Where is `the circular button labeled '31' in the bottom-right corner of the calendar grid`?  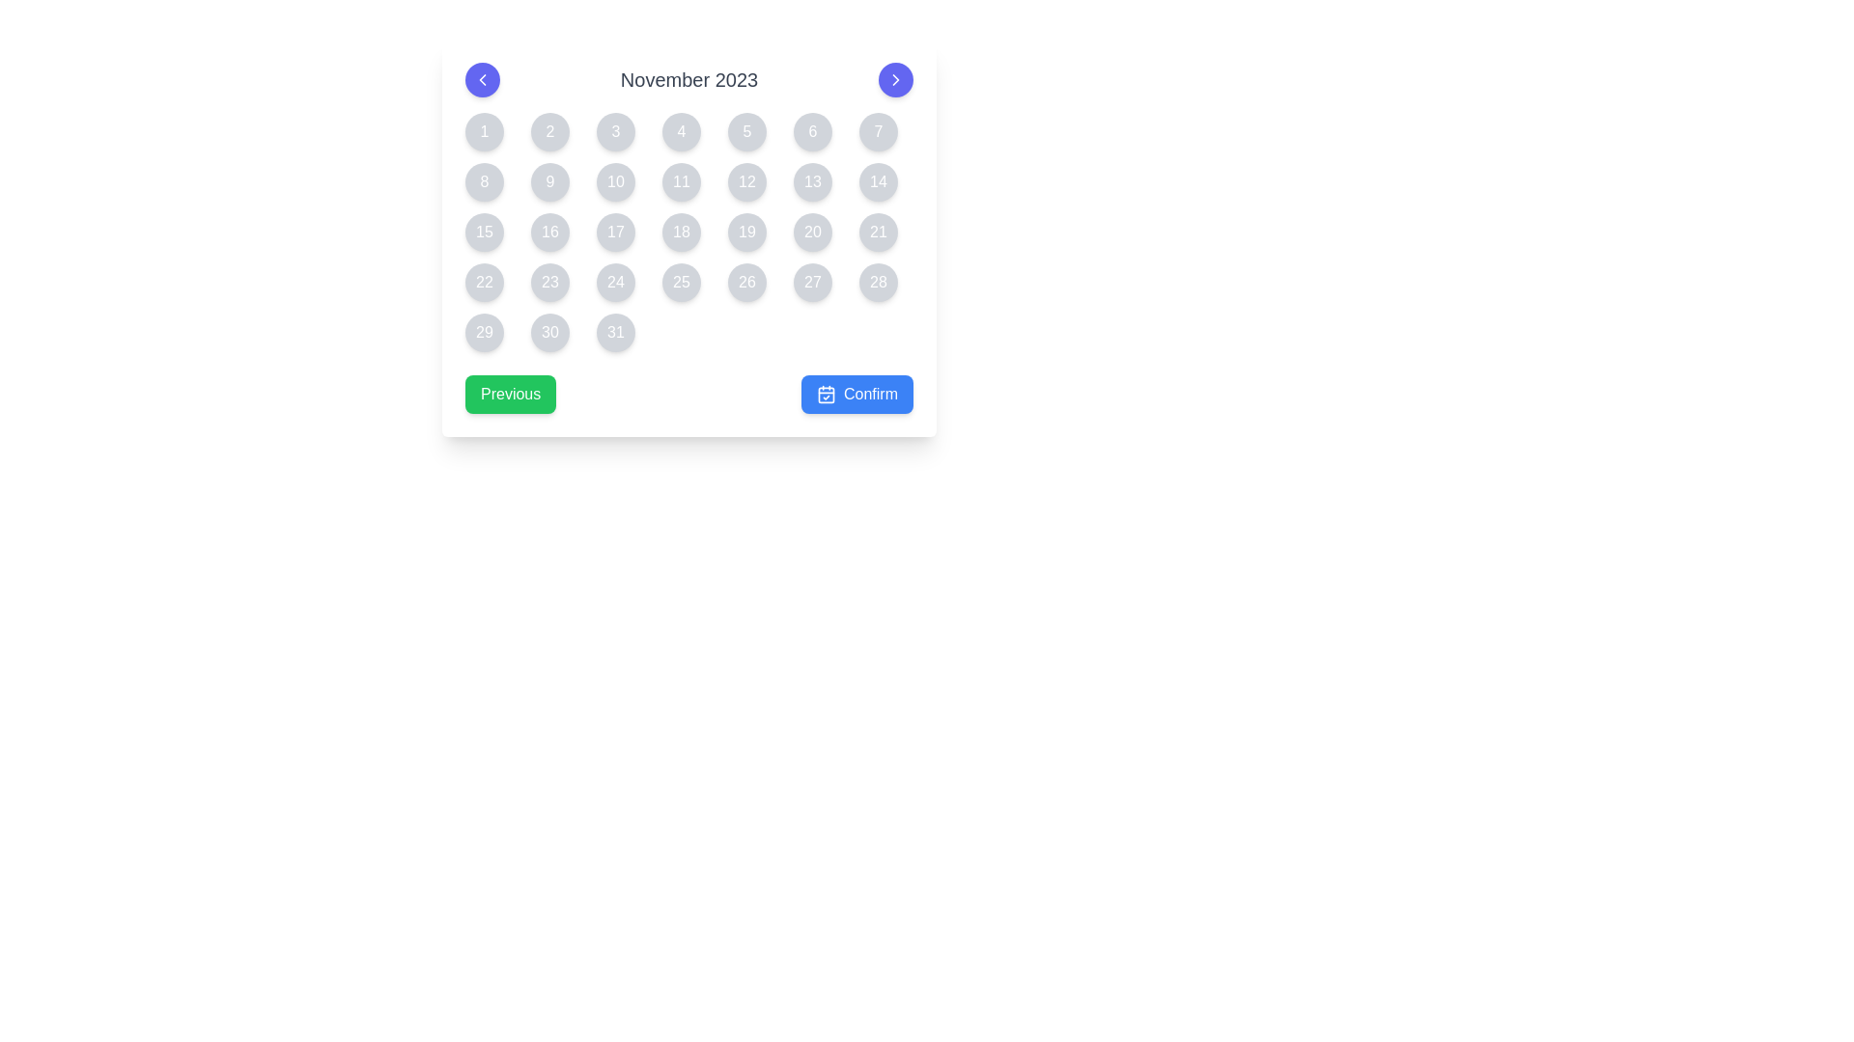
the circular button labeled '31' in the bottom-right corner of the calendar grid is located at coordinates (615, 331).